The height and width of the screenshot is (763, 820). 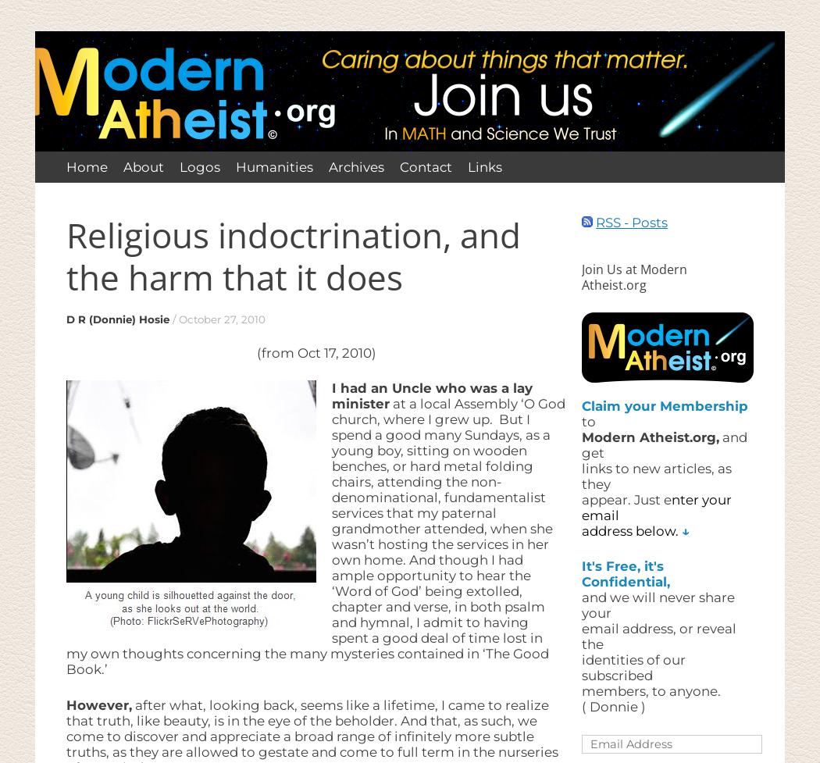 I want to click on 'Modern Atheist.org,', so click(x=580, y=437).